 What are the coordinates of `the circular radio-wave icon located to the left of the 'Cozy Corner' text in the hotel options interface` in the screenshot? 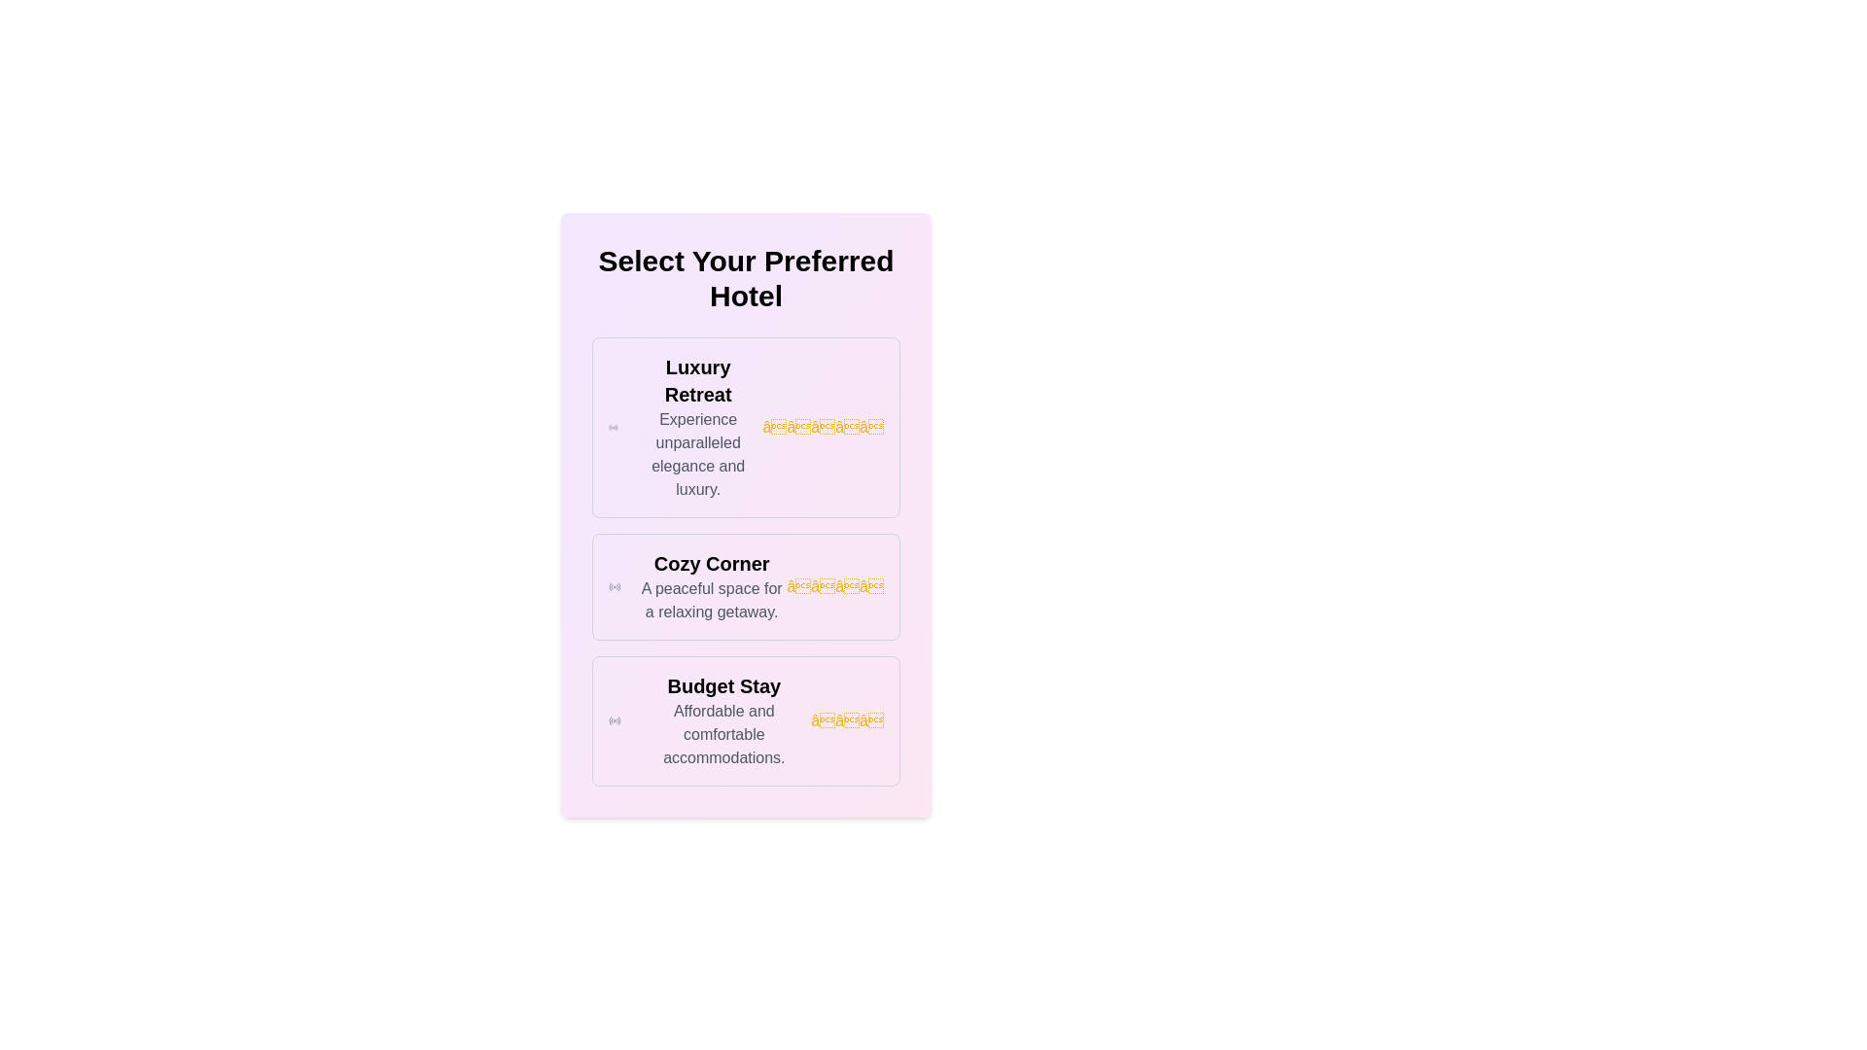 It's located at (614, 586).